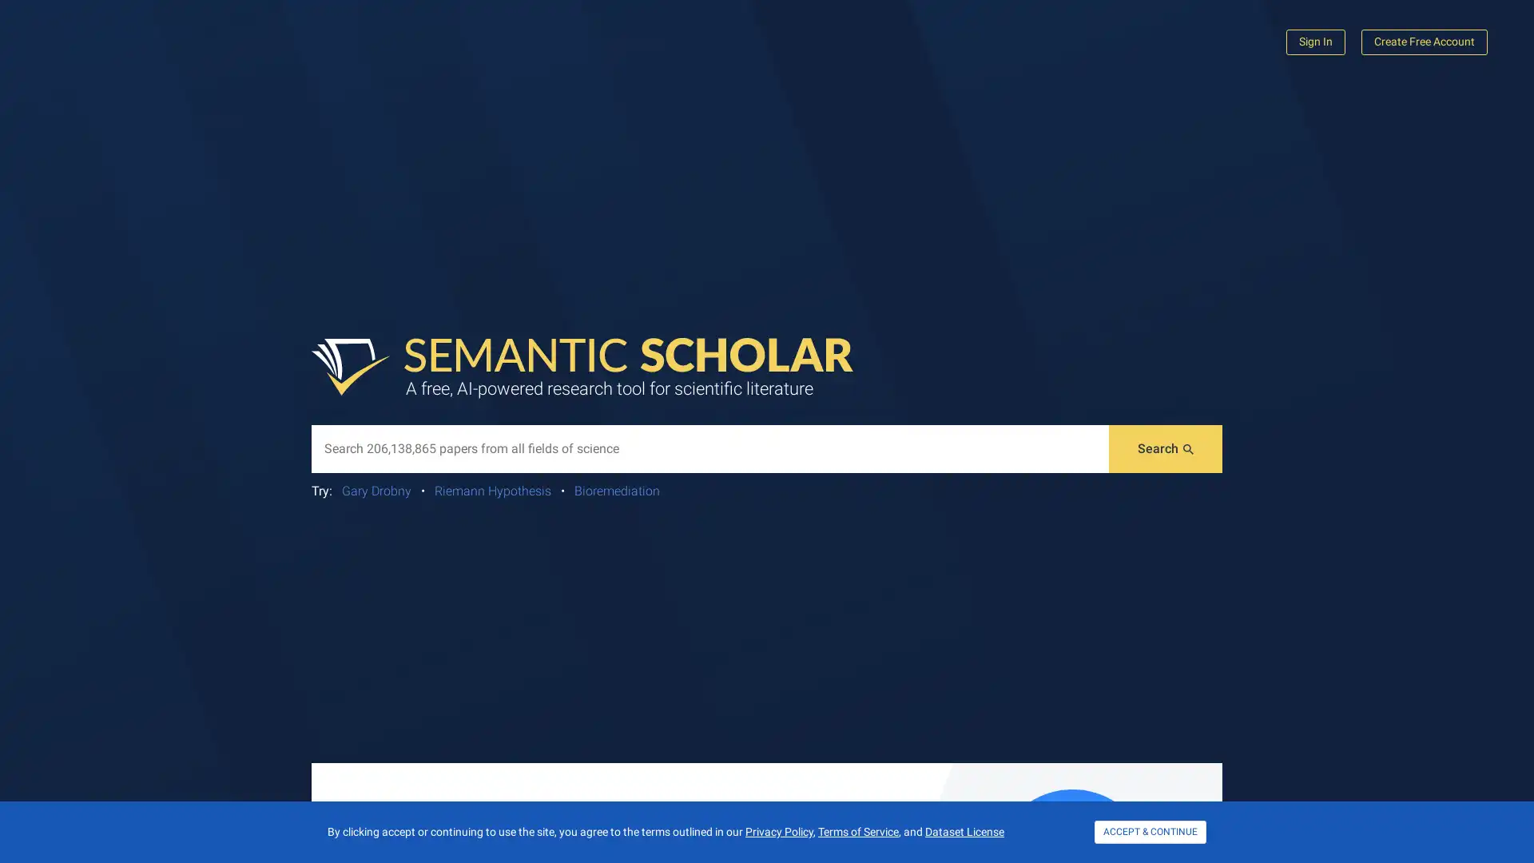 Image resolution: width=1534 pixels, height=863 pixels. What do you see at coordinates (1150, 831) in the screenshot?
I see `ACCEPT & CONTINUE` at bounding box center [1150, 831].